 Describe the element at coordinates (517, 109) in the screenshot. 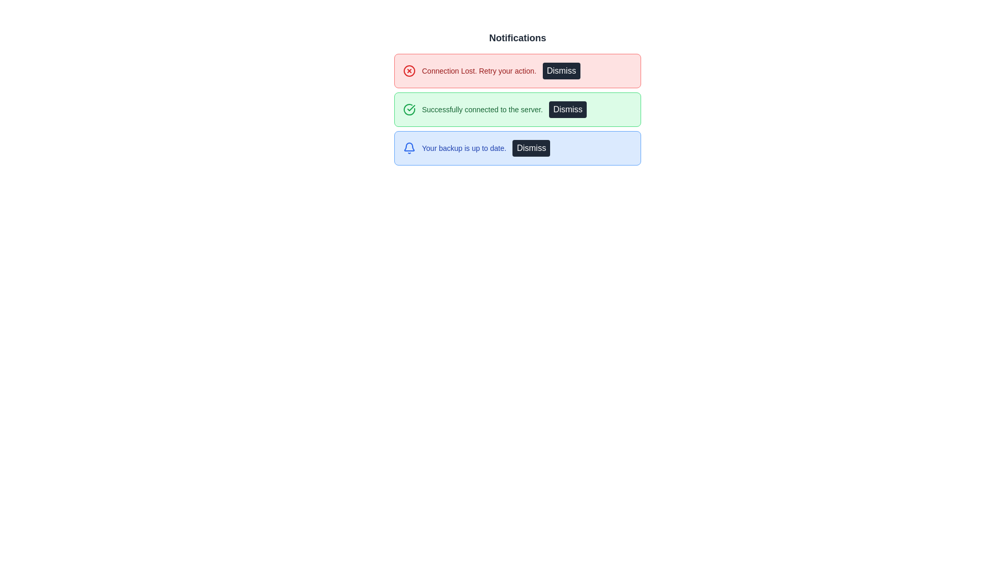

I see `the success notification message that informs the user about the successful connection to a server, which has a 'Dismiss' button adjacent to it` at that location.